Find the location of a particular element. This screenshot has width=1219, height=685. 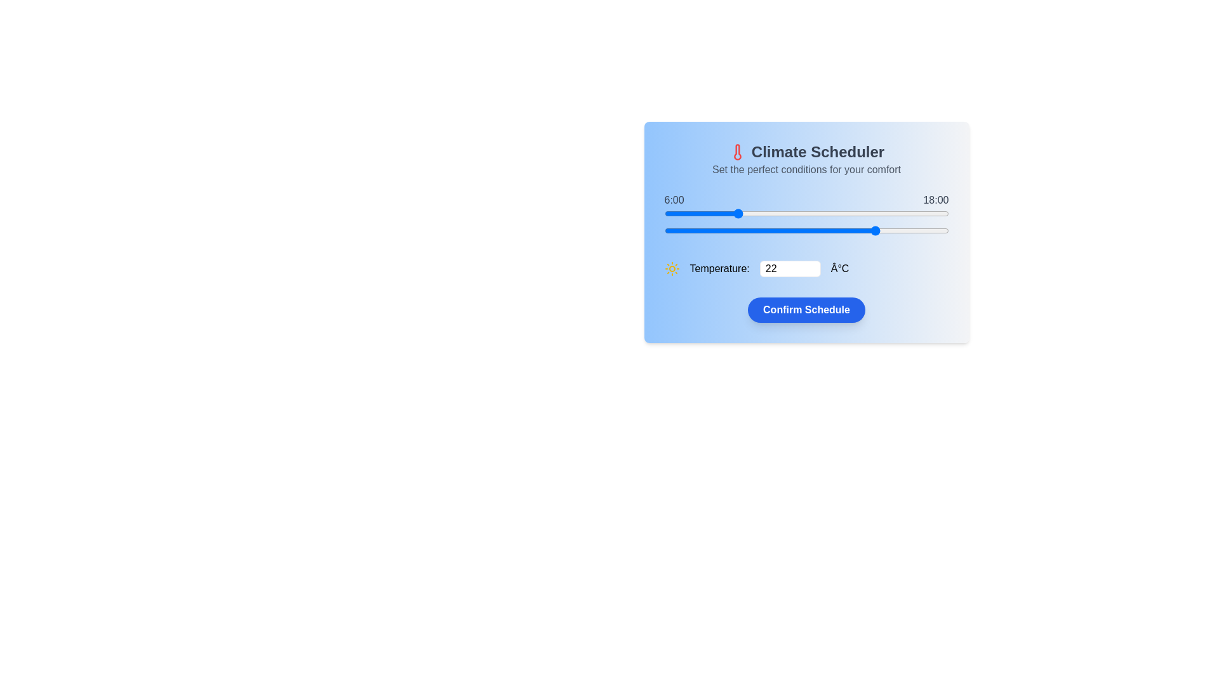

the time on the slider is located at coordinates (712, 212).